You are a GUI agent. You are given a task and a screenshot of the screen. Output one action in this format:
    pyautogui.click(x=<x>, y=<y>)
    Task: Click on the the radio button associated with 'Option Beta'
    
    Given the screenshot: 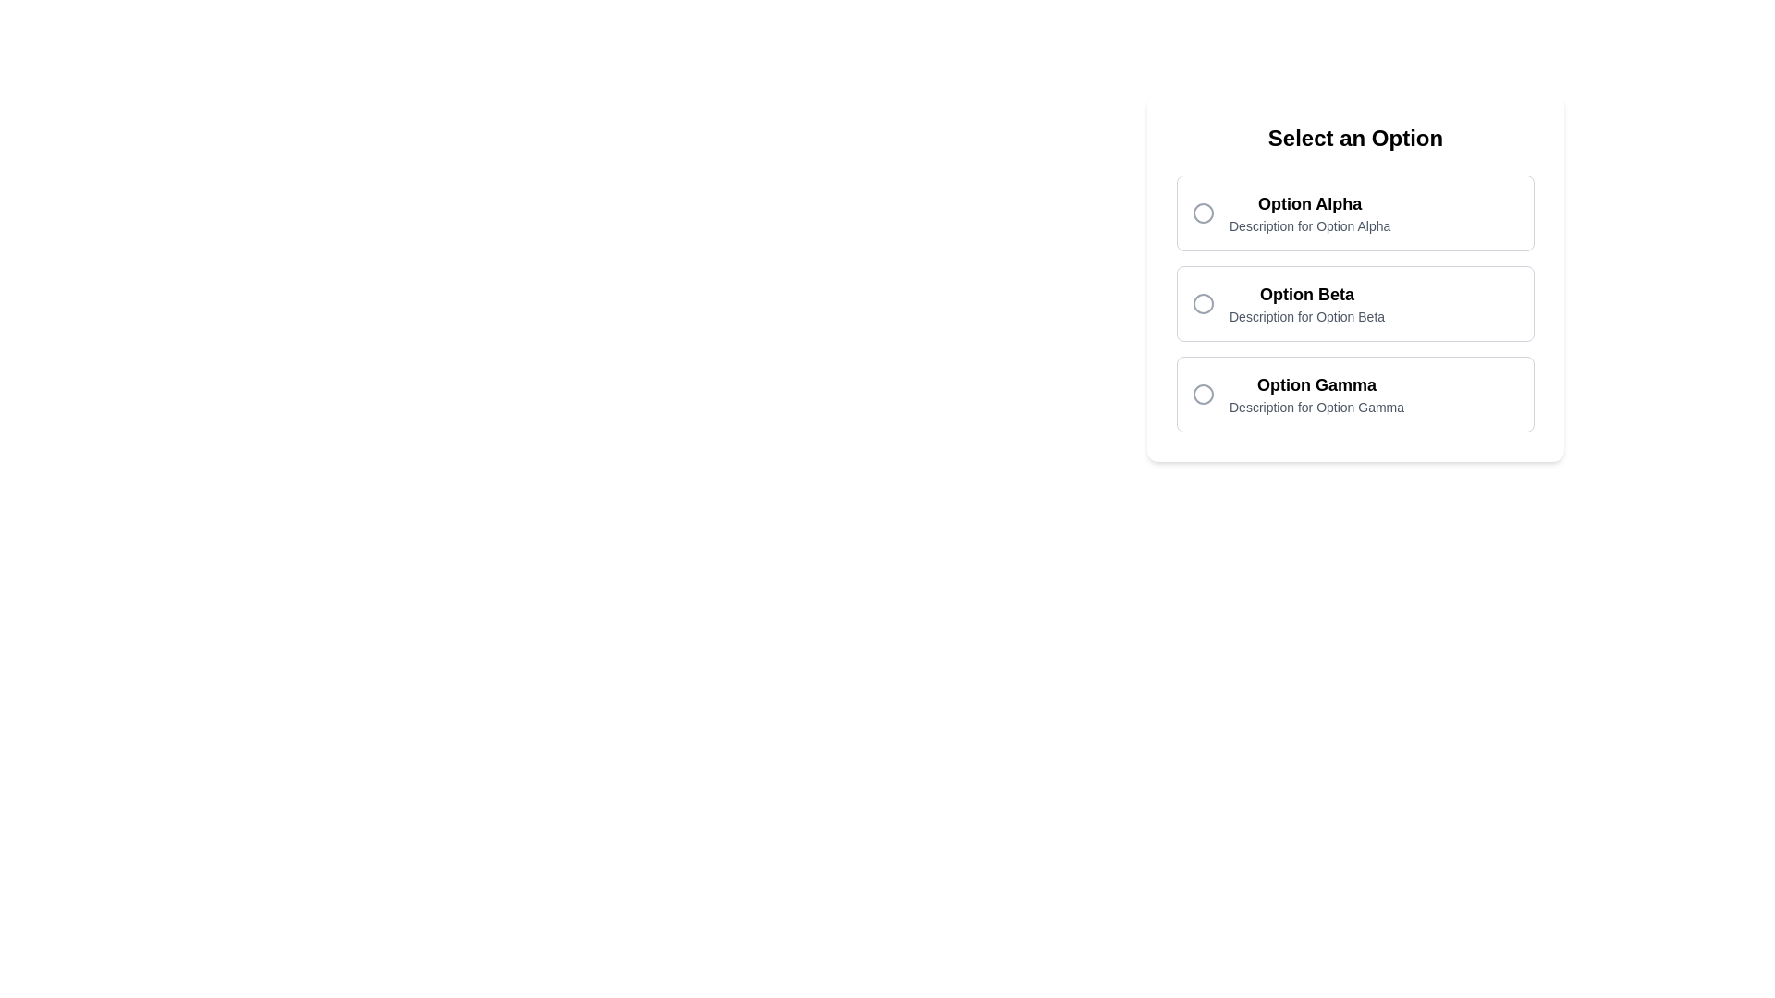 What is the action you would take?
    pyautogui.click(x=1203, y=302)
    